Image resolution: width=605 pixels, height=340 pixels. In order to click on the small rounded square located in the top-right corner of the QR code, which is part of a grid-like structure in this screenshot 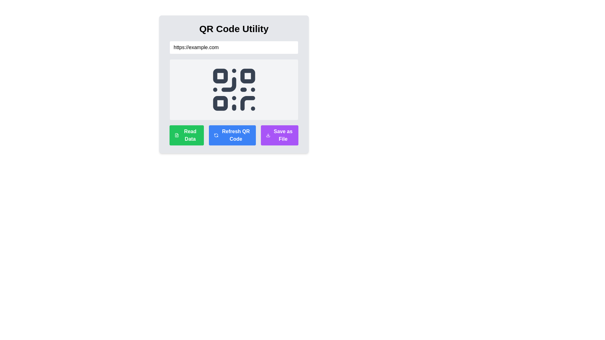, I will do `click(247, 76)`.